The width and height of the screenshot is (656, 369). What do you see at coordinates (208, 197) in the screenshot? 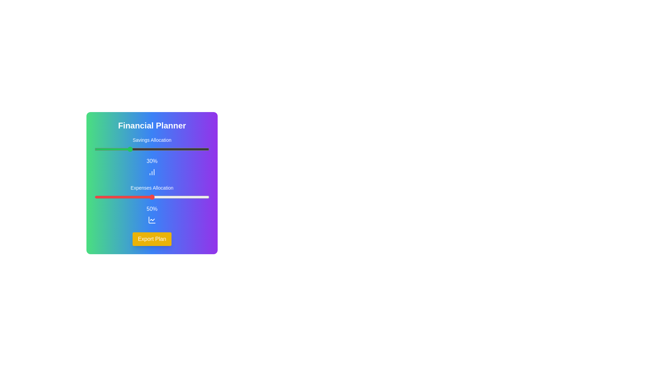
I see `the Expenses Allocation slider` at bounding box center [208, 197].